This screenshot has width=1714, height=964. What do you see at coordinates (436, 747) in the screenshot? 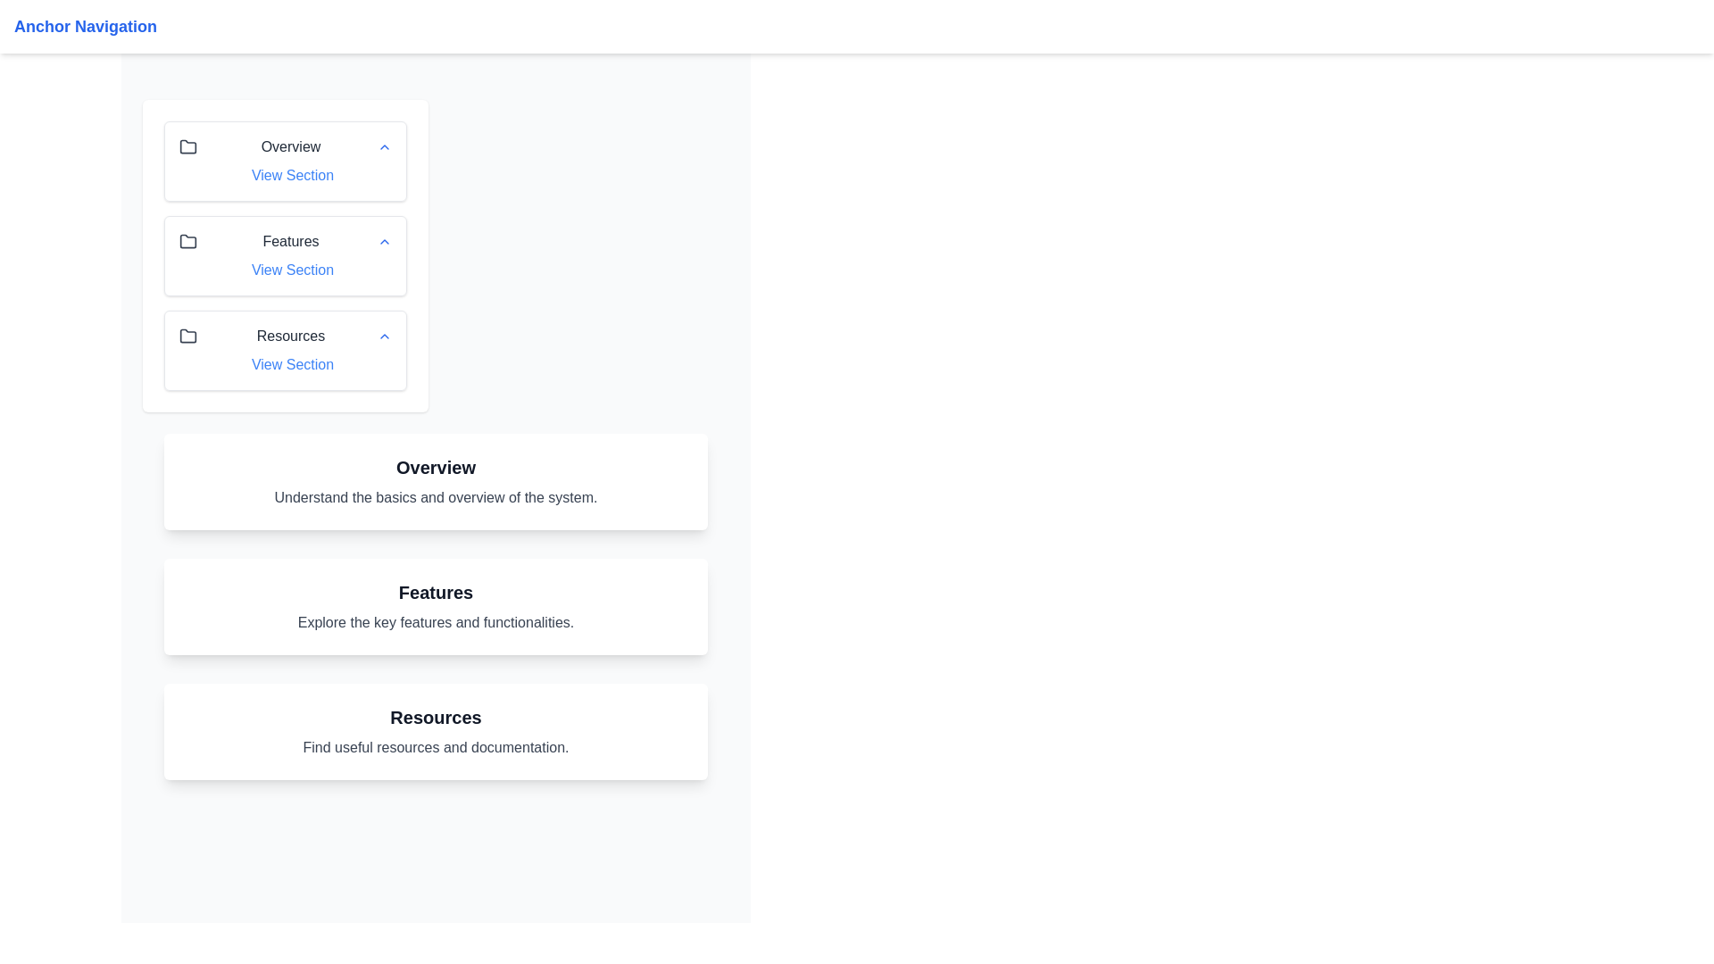
I see `the text label that reads 'Find useful resources and documentation' located at the bottom of the 'Resources' card` at bounding box center [436, 747].